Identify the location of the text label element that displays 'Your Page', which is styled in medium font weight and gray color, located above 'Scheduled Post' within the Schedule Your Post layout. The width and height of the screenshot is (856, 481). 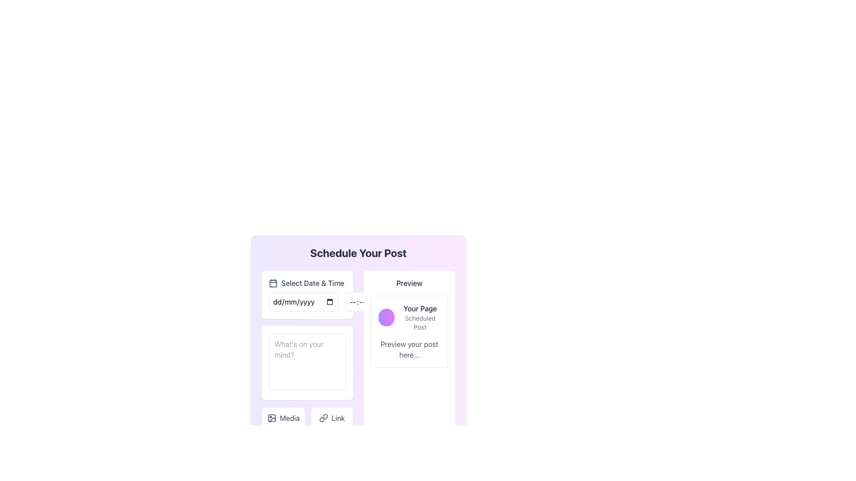
(420, 308).